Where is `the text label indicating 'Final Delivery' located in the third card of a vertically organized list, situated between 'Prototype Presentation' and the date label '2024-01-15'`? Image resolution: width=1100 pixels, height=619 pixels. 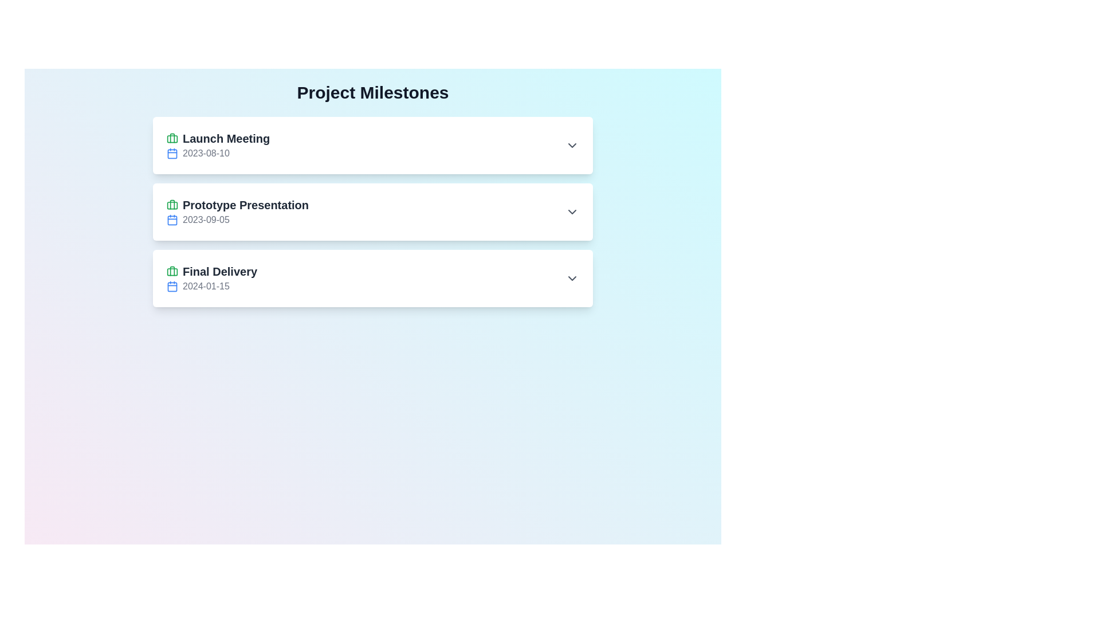
the text label indicating 'Final Delivery' located in the third card of a vertically organized list, situated between 'Prototype Presentation' and the date label '2024-01-15' is located at coordinates (211, 272).